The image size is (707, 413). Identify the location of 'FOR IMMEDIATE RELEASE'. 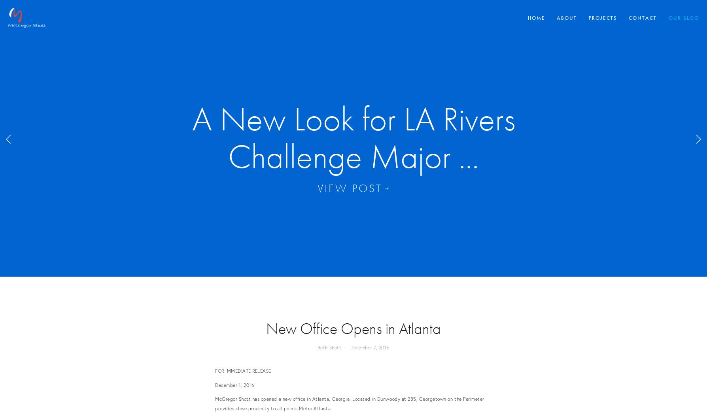
(243, 370).